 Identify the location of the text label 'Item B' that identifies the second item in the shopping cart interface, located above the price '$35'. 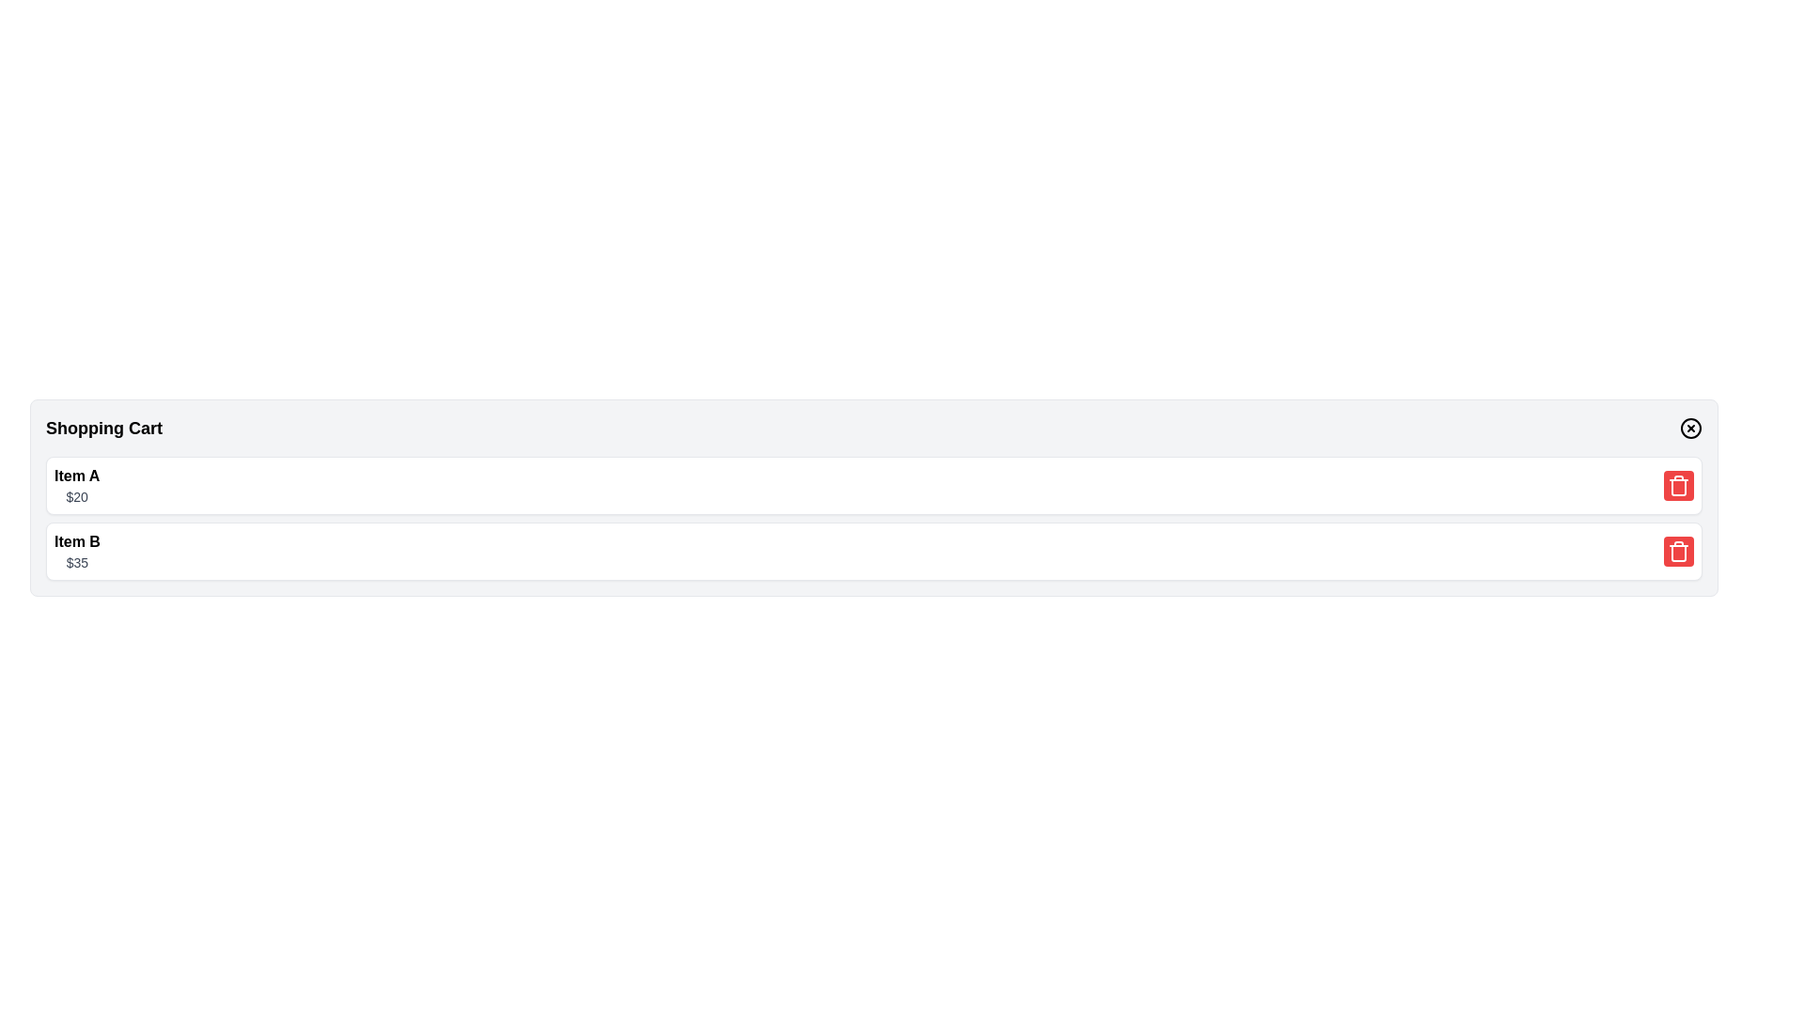
(76, 542).